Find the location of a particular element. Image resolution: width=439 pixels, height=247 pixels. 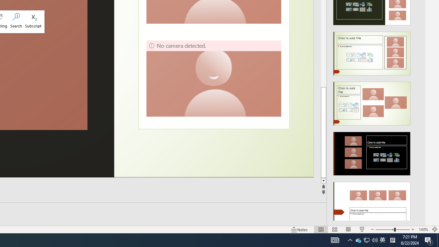

'Zoom 140%' is located at coordinates (423, 230).